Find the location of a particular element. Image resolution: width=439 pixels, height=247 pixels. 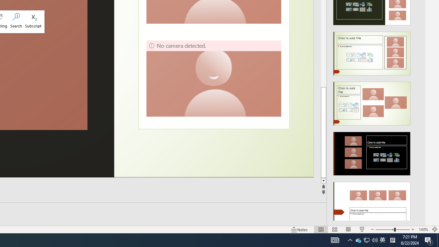

'Zoom 140%' is located at coordinates (423, 230).